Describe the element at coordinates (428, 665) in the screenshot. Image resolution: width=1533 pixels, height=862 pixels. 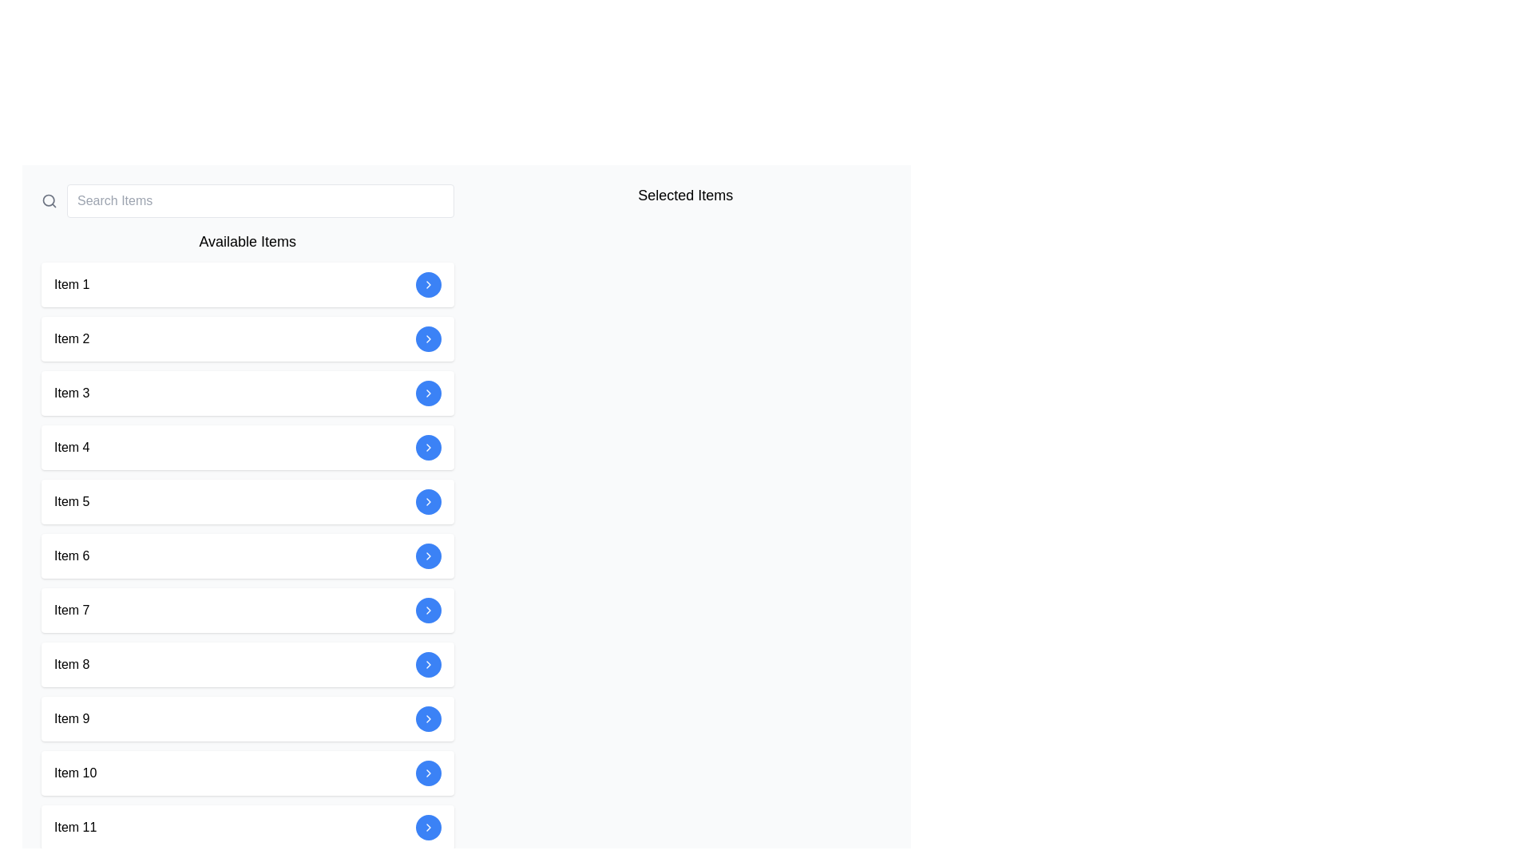
I see `the circular blue button with a white chevron arrow pointing to the right, located at the far-right of the 'Item 8' block` at that location.